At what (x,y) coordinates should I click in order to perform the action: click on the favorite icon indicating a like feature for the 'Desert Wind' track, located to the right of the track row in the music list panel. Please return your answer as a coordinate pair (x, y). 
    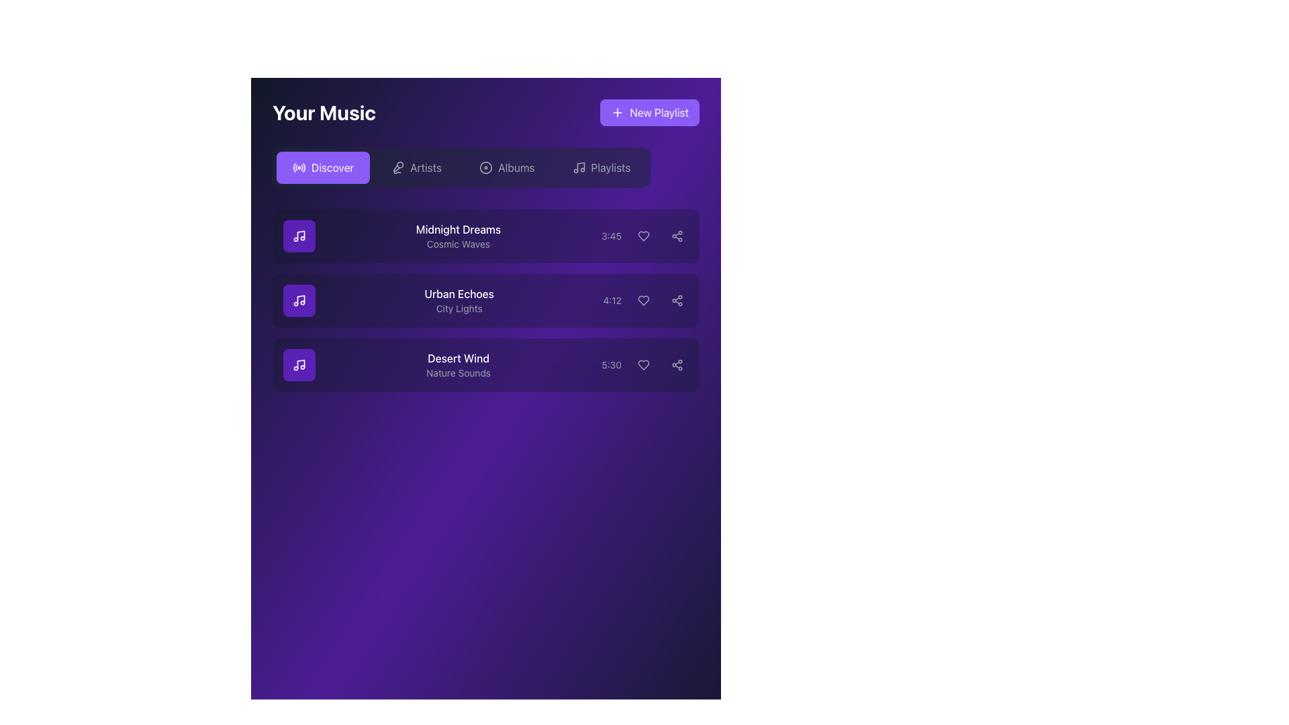
    Looking at the image, I should click on (643, 365).